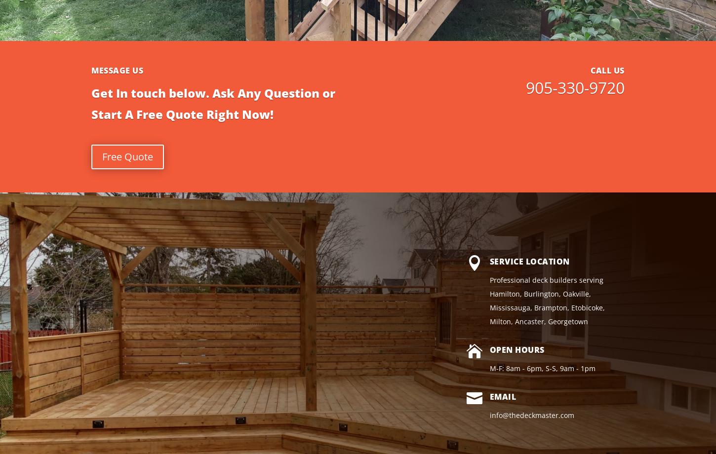 This screenshot has height=454, width=716. Describe the element at coordinates (503, 396) in the screenshot. I see `'Email'` at that location.